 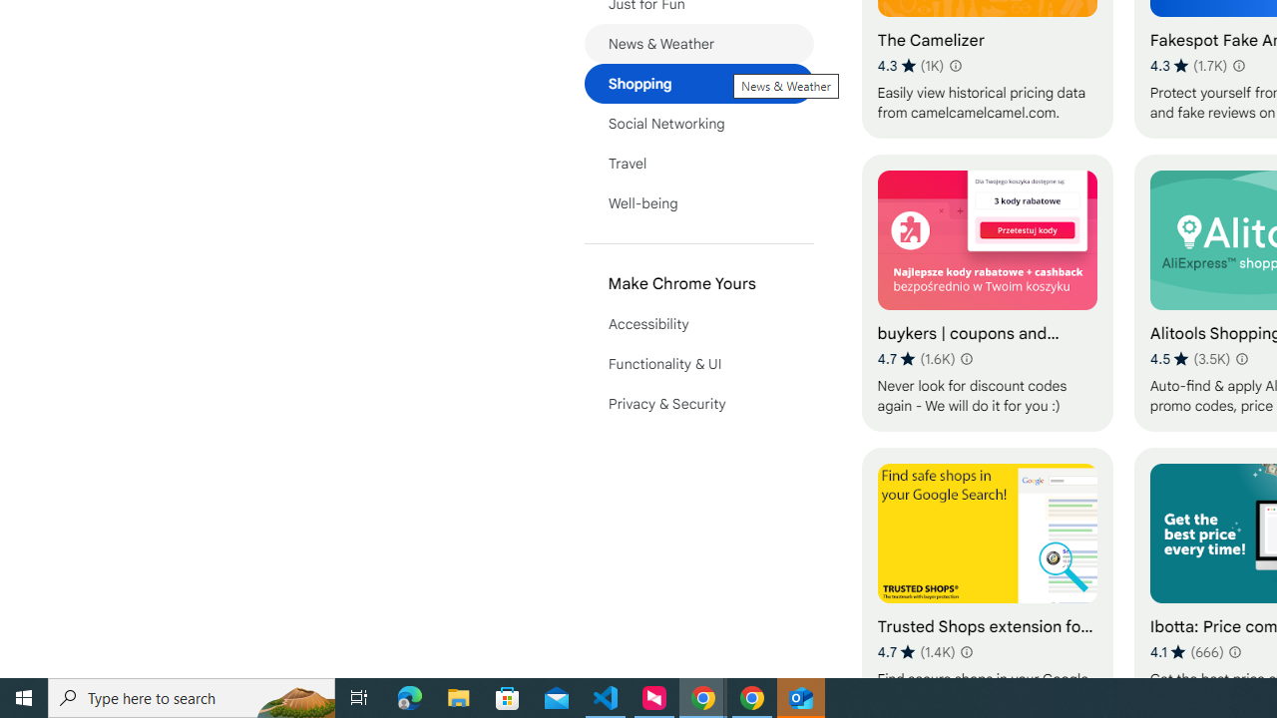 I want to click on 'buykers | coupons and discount codes', so click(x=987, y=292).